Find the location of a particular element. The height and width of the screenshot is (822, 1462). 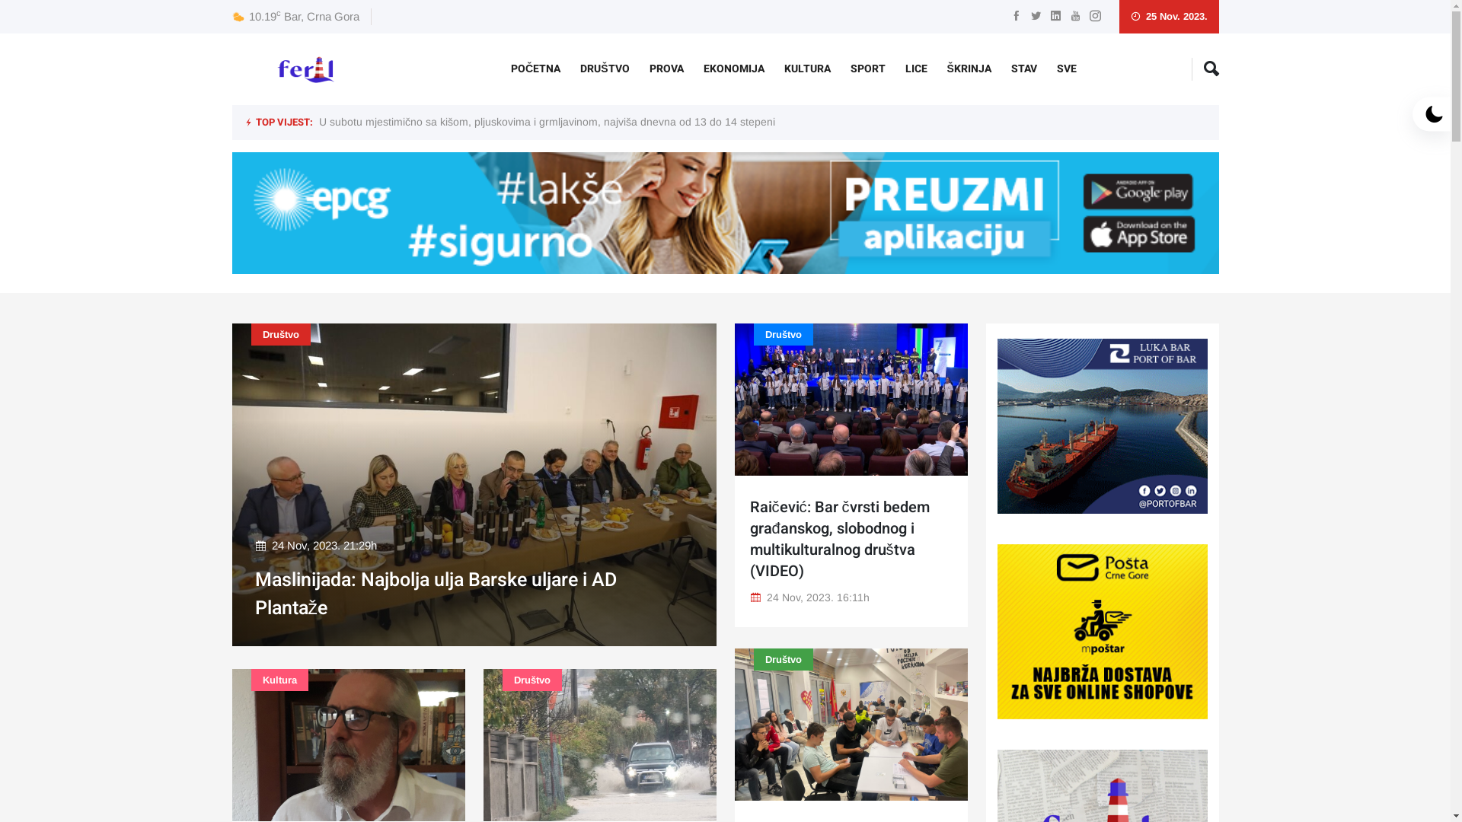

'SPORT' is located at coordinates (868, 68).